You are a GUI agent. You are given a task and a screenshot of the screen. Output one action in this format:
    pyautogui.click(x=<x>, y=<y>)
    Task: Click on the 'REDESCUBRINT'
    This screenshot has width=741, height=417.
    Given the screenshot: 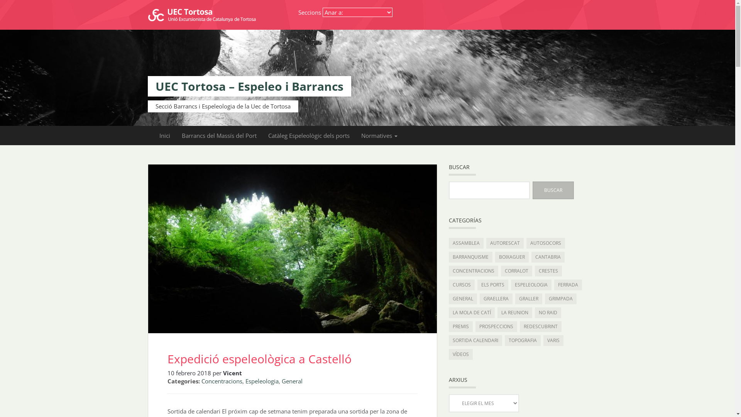 What is the action you would take?
    pyautogui.click(x=540, y=326)
    